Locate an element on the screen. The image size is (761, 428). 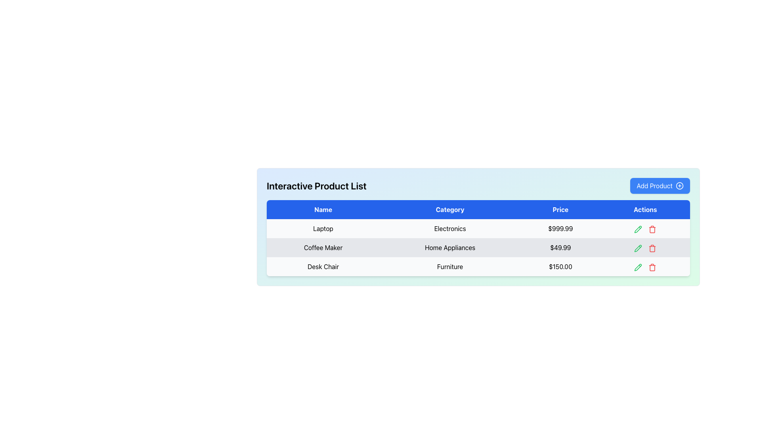
the text label displaying 'Home Appliances' in the second row, second column of the 'Interactive Product List' table is located at coordinates (450, 247).